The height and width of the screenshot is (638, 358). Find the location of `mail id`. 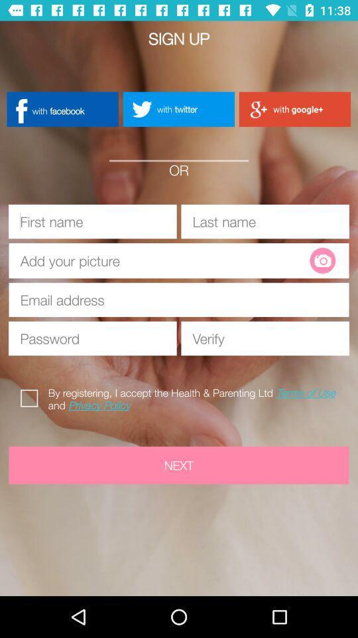

mail id is located at coordinates (179, 300).